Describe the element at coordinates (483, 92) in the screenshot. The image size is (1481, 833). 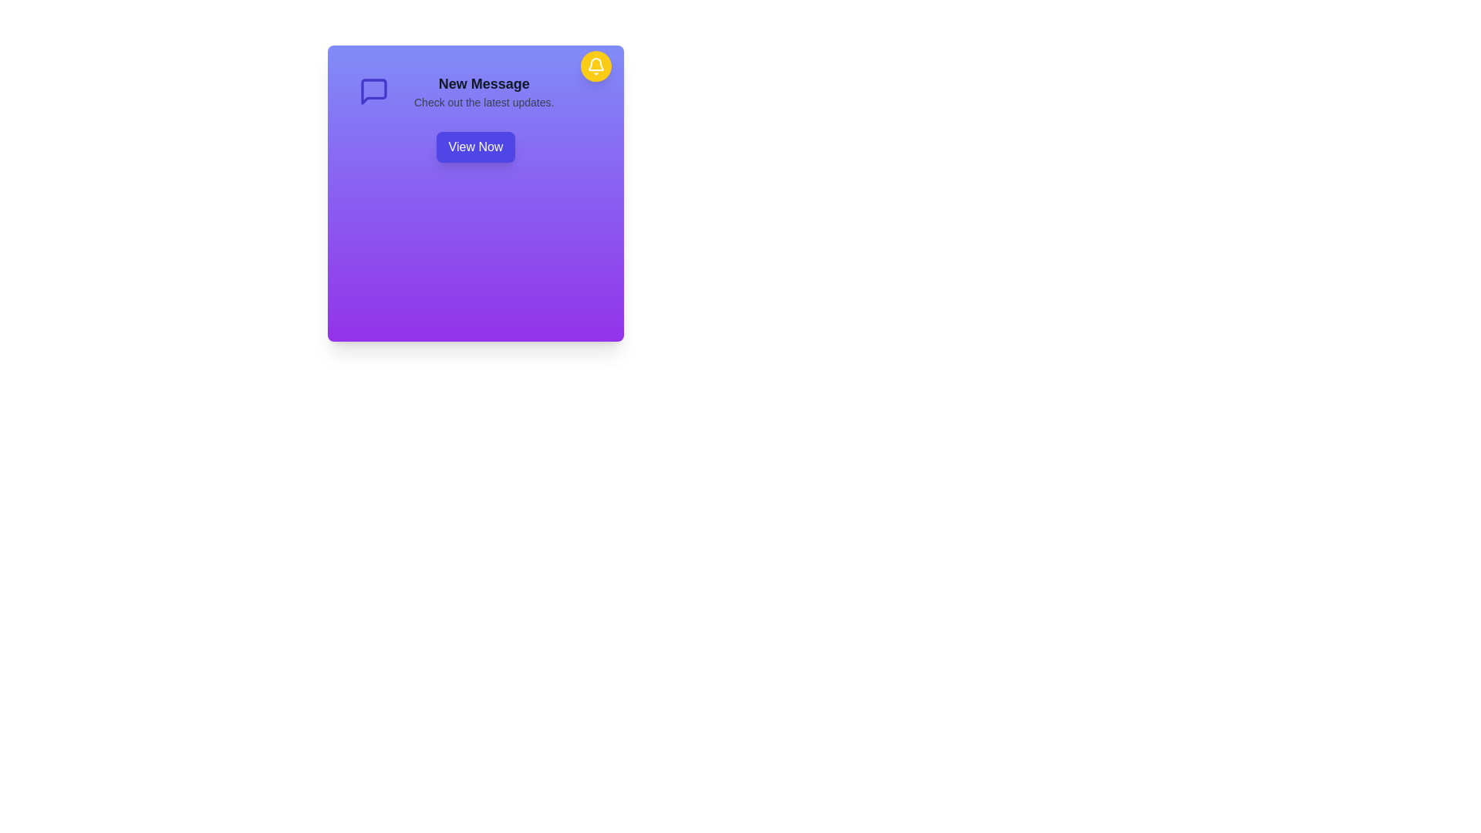
I see `the Text block that displays 'New Message' in bold, large font and 'Check out the latest updates.' in smaller font, which is centrally aligned on a purple background` at that location.